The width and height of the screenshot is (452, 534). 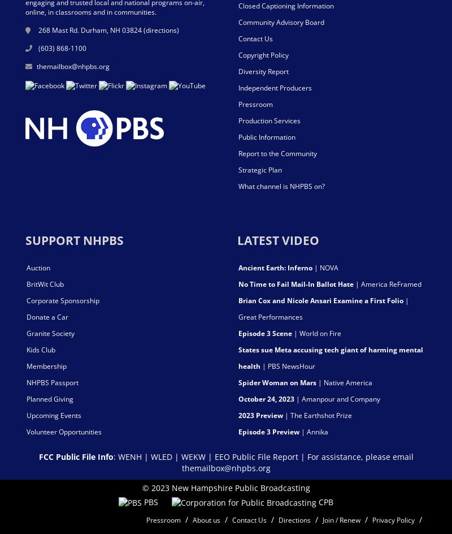 I want to click on 'No Time to Fail  Mail-In Ballot Hate', so click(x=295, y=283).